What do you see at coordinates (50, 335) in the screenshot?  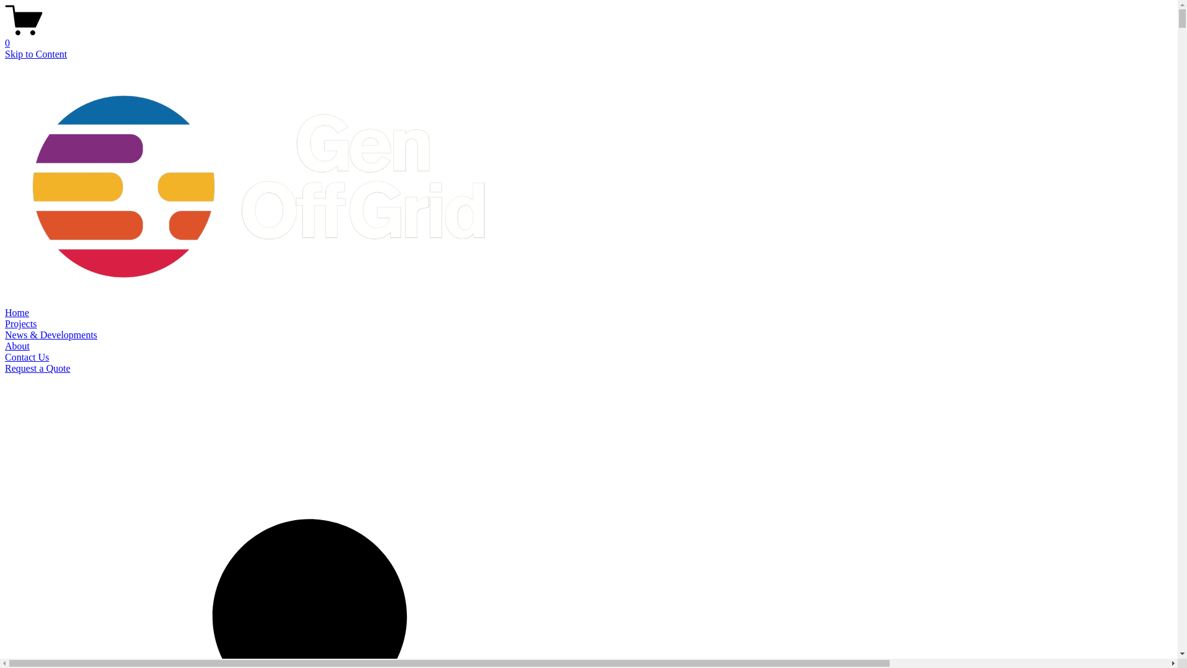 I see `'News & Developments'` at bounding box center [50, 335].